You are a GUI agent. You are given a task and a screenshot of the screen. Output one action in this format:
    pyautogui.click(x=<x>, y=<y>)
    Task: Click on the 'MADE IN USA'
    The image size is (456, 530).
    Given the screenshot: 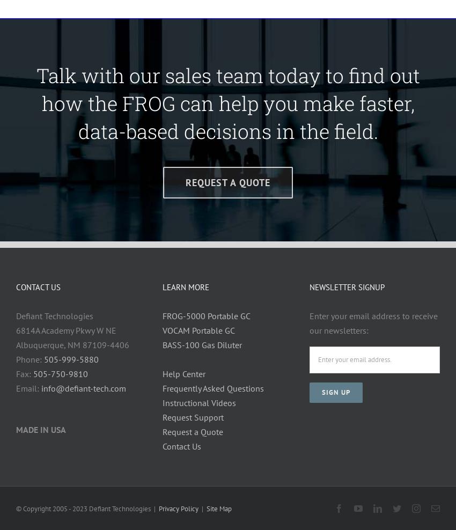 What is the action you would take?
    pyautogui.click(x=16, y=428)
    